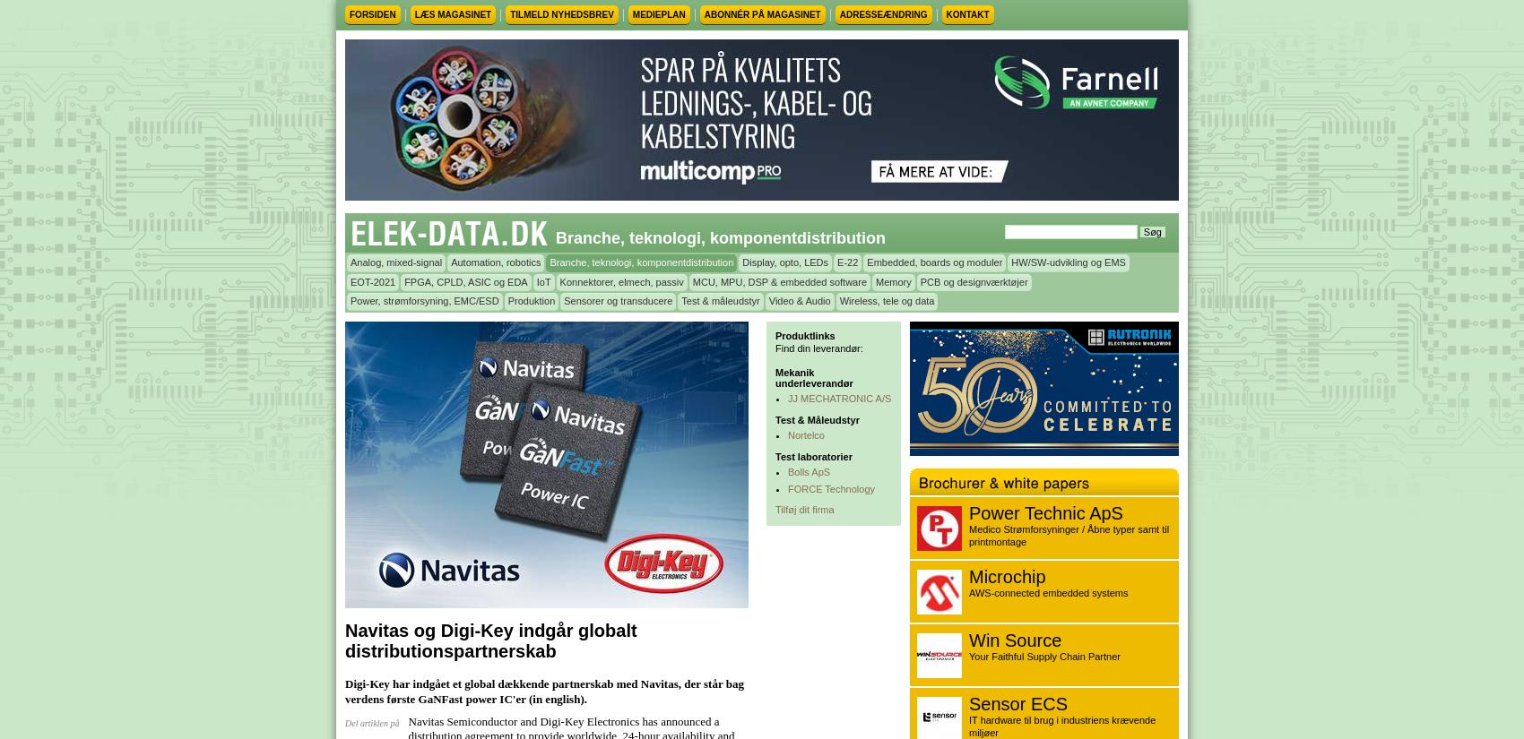 The height and width of the screenshot is (739, 1524). What do you see at coordinates (371, 13) in the screenshot?
I see `'Forsiden'` at bounding box center [371, 13].